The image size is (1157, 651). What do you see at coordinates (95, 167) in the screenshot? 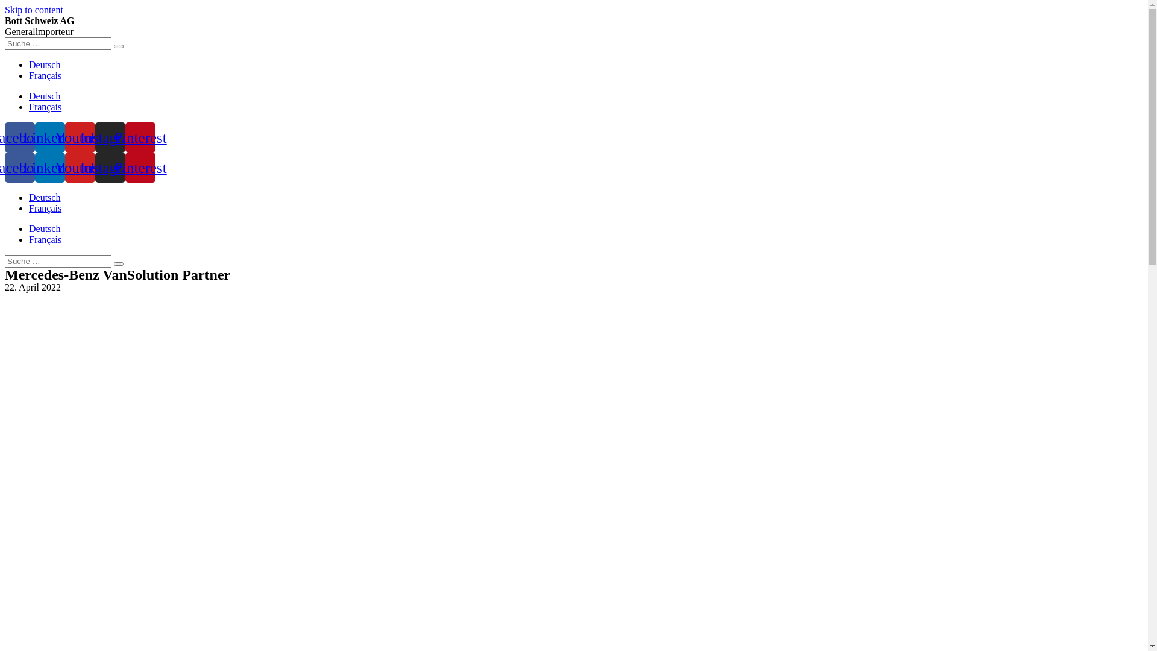
I see `'Instagram'` at bounding box center [95, 167].